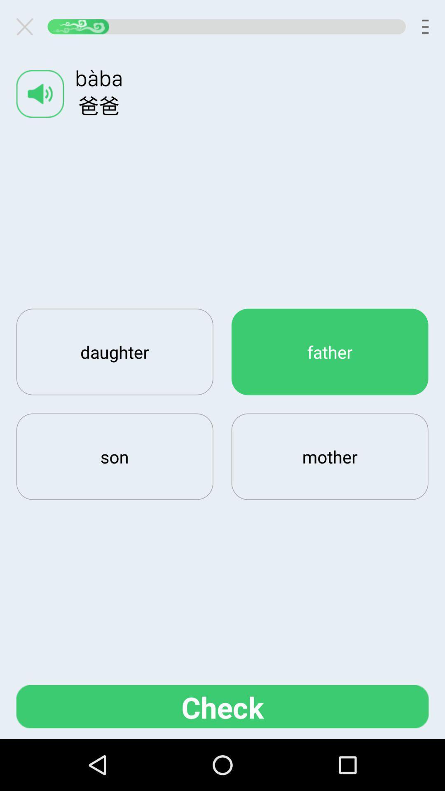 This screenshot has width=445, height=791. Describe the element at coordinates (28, 26) in the screenshot. I see `exit or clear` at that location.